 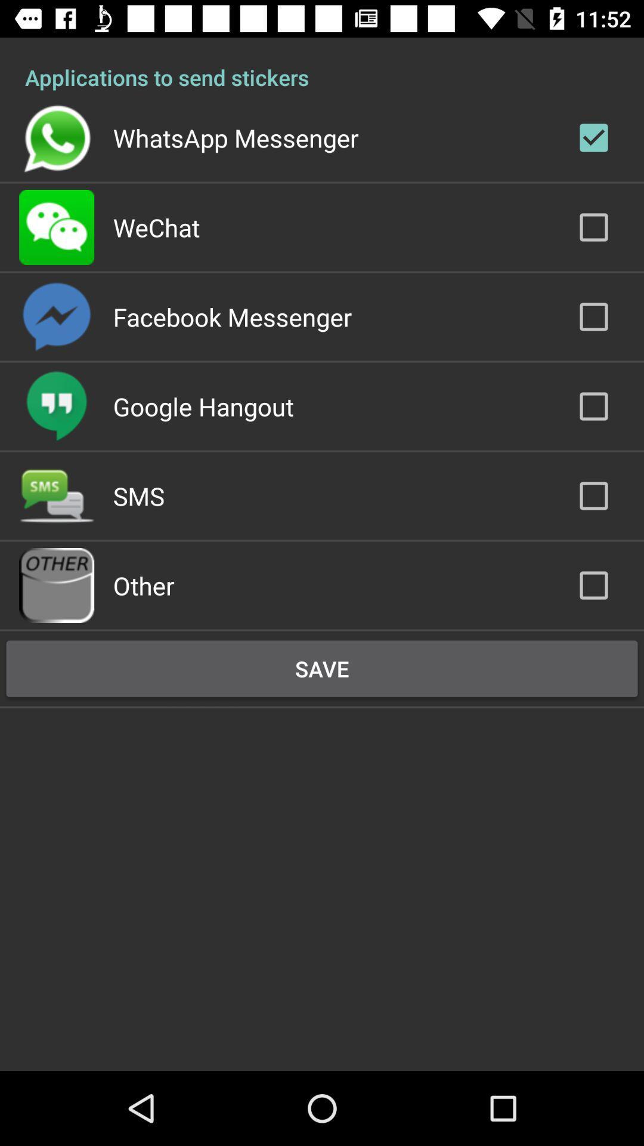 I want to click on the whatsapp messenger item, so click(x=236, y=137).